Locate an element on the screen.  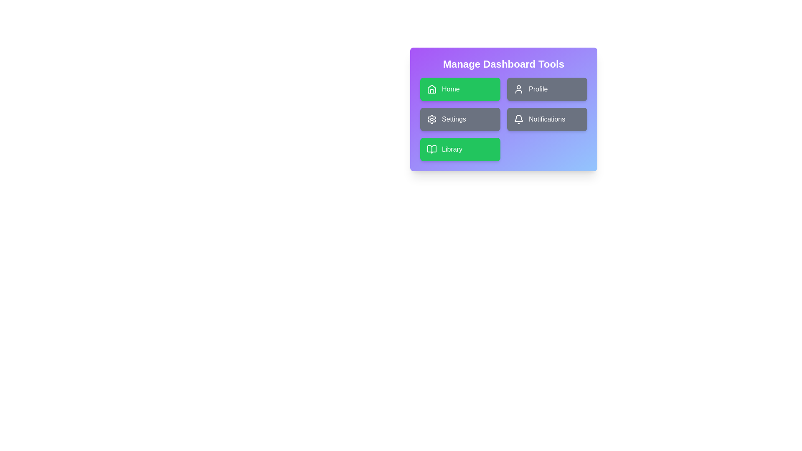
the chip labeled Settings to toggle its selection state is located at coordinates (460, 119).